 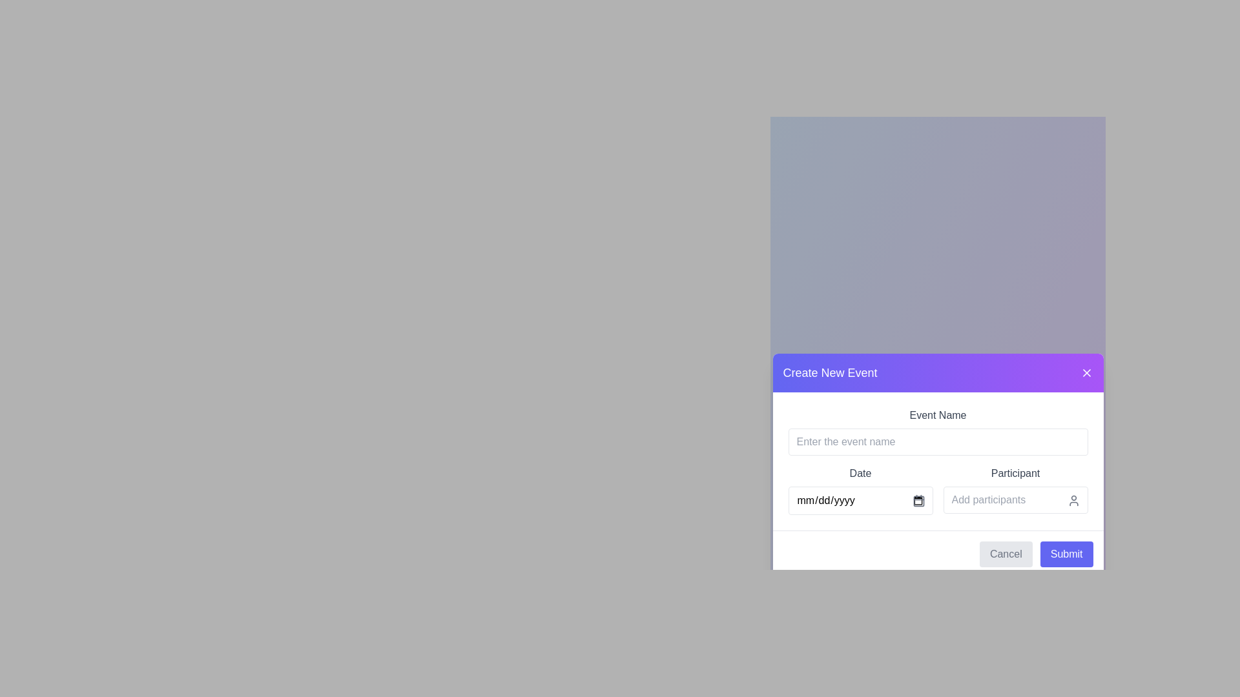 What do you see at coordinates (1086, 372) in the screenshot?
I see `the close button located in the header section of the modal, to the right of the text 'Create New Event'` at bounding box center [1086, 372].